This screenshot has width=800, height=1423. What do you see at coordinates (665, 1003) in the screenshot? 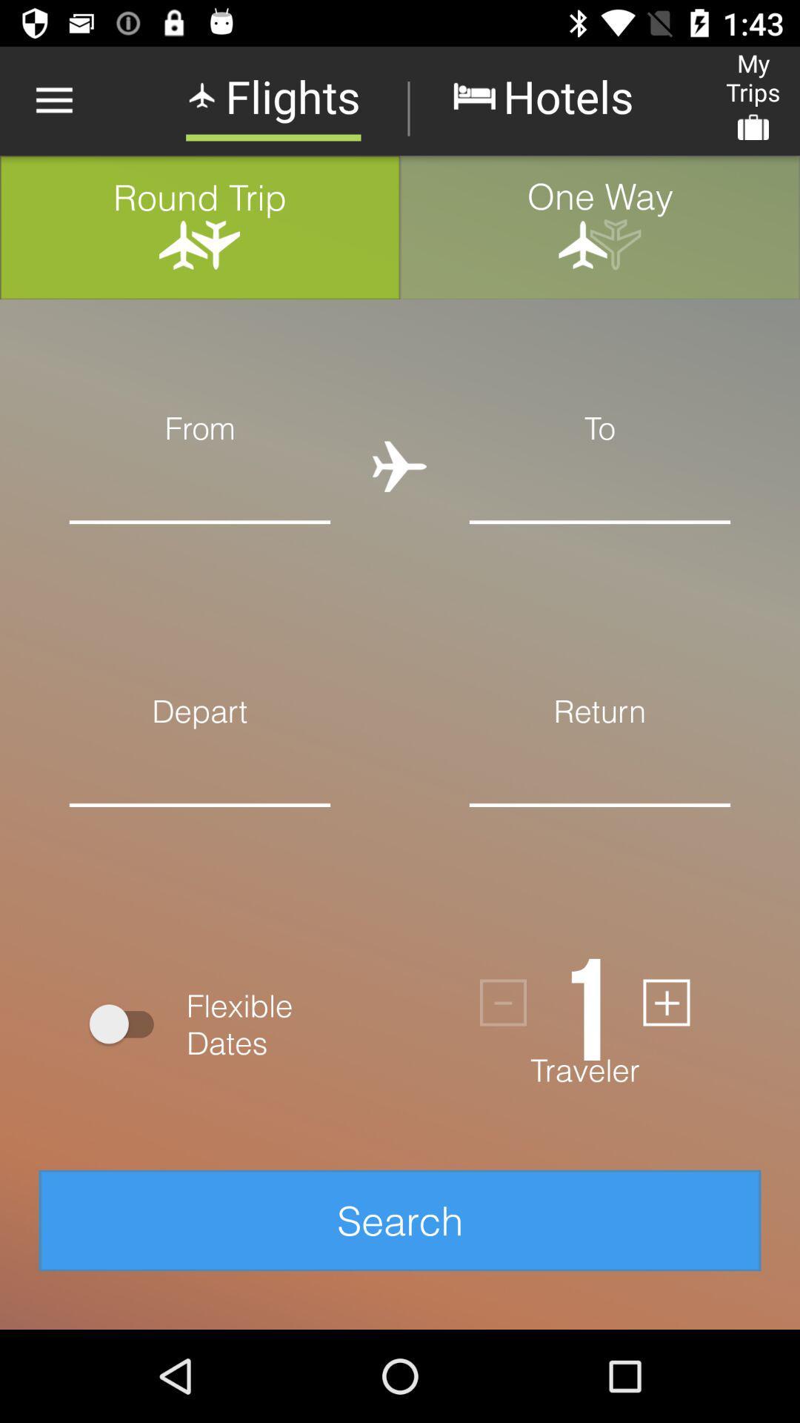
I see `increase traveler number` at bounding box center [665, 1003].